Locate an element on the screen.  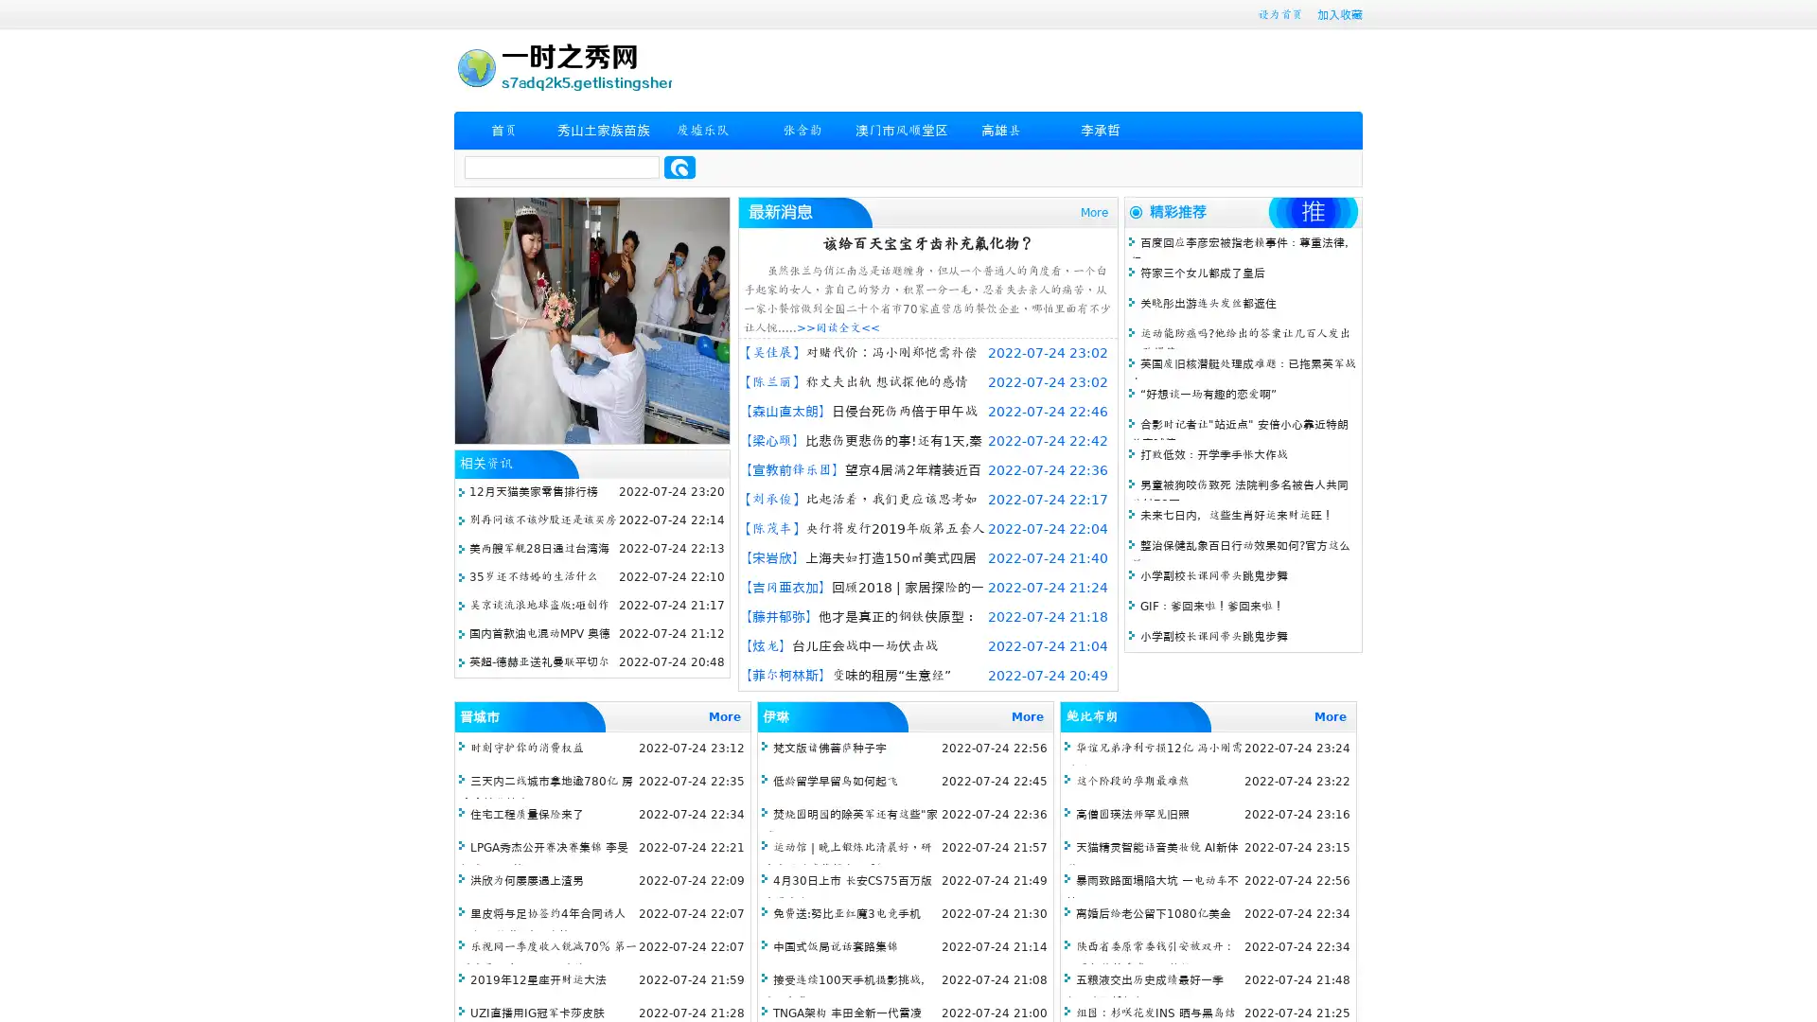
Search is located at coordinates (679, 167).